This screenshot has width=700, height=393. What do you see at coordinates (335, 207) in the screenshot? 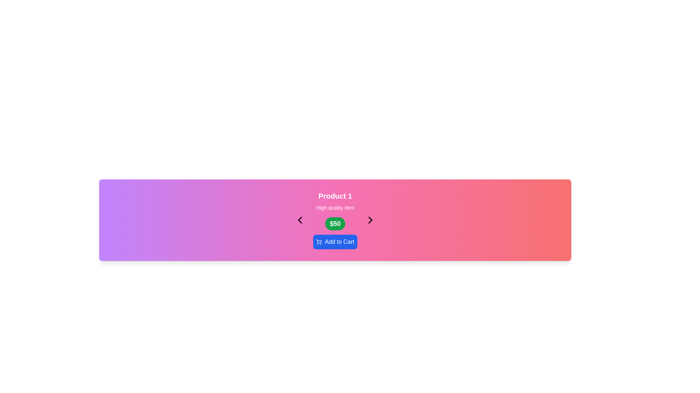
I see `the informational text label that provides a brief description about 'Product 1', positioned above the price button displaying '$50'` at bounding box center [335, 207].